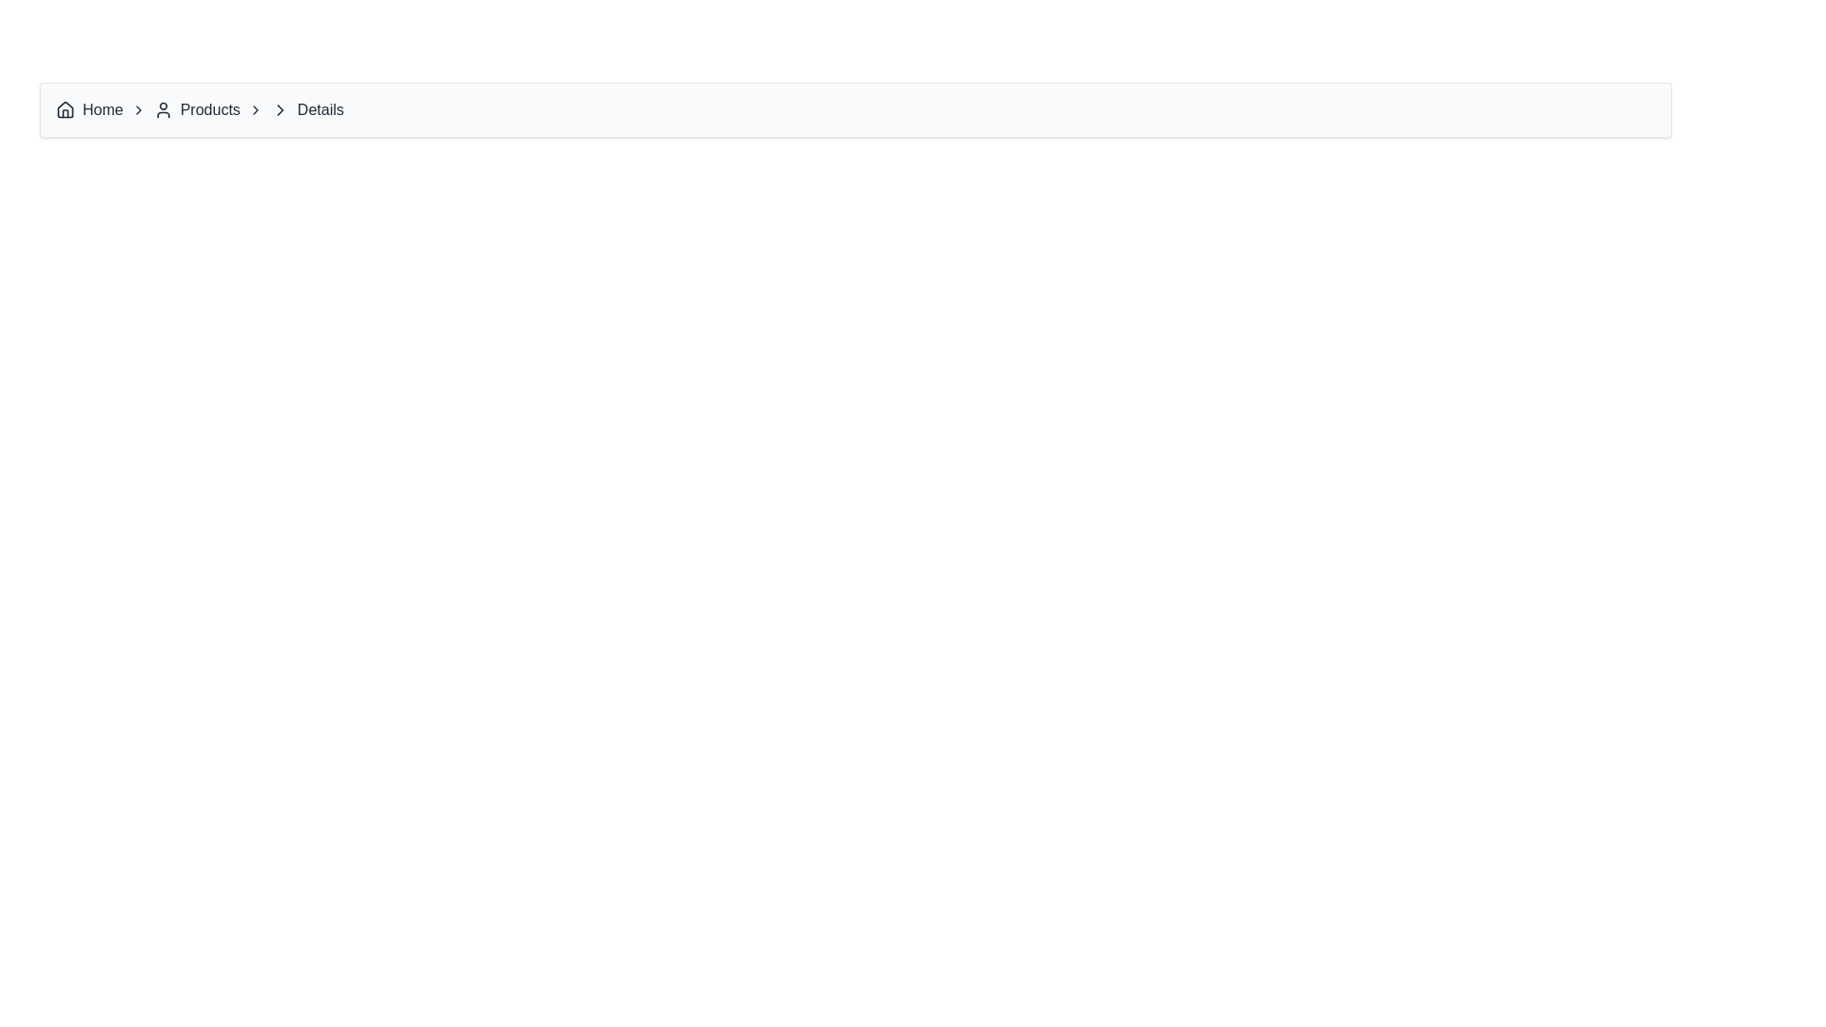 The height and width of the screenshot is (1027, 1826). What do you see at coordinates (88, 109) in the screenshot?
I see `the 'Home' text link with a house icon located at the top left of the navigation menu` at bounding box center [88, 109].